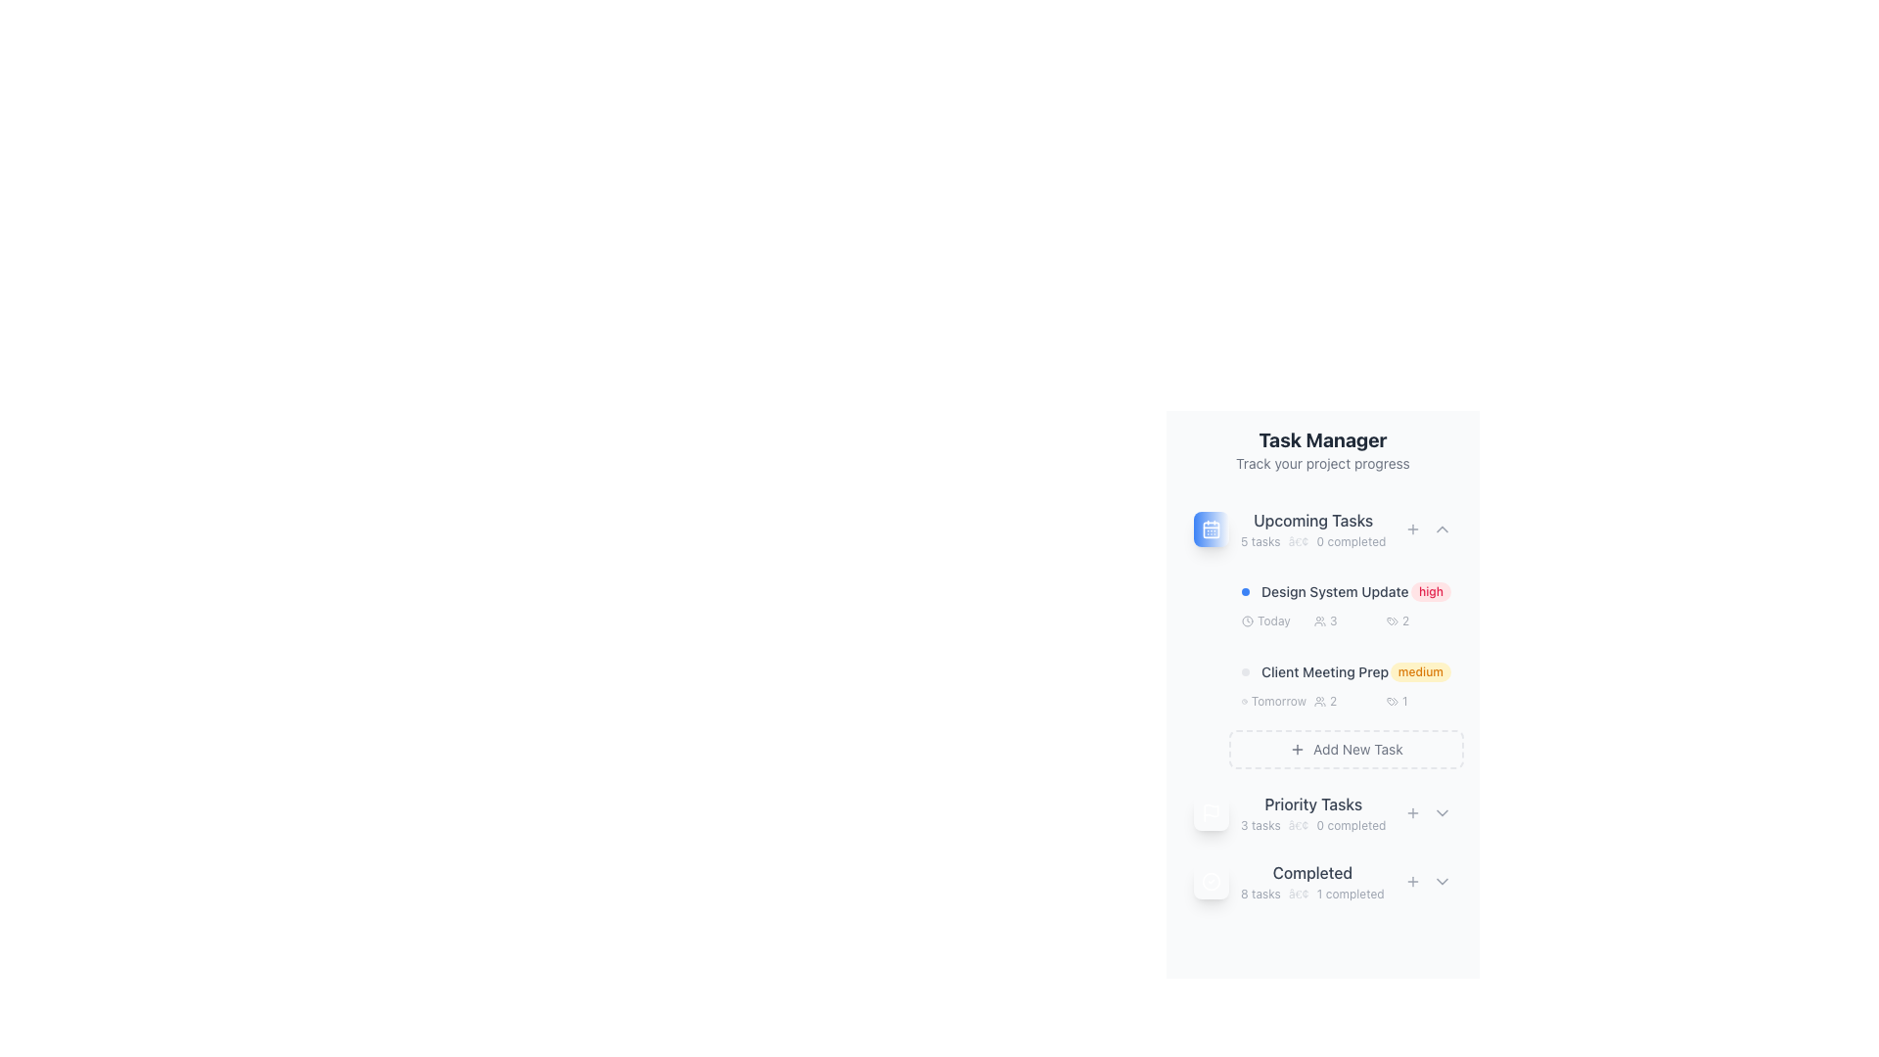  Describe the element at coordinates (1325, 591) in the screenshot. I see `the 'Design System Update' text label located in the upper area of the right-hand panel under the 'Upcoming Tasks' section, which is styled in a medium font weight and gray color` at that location.